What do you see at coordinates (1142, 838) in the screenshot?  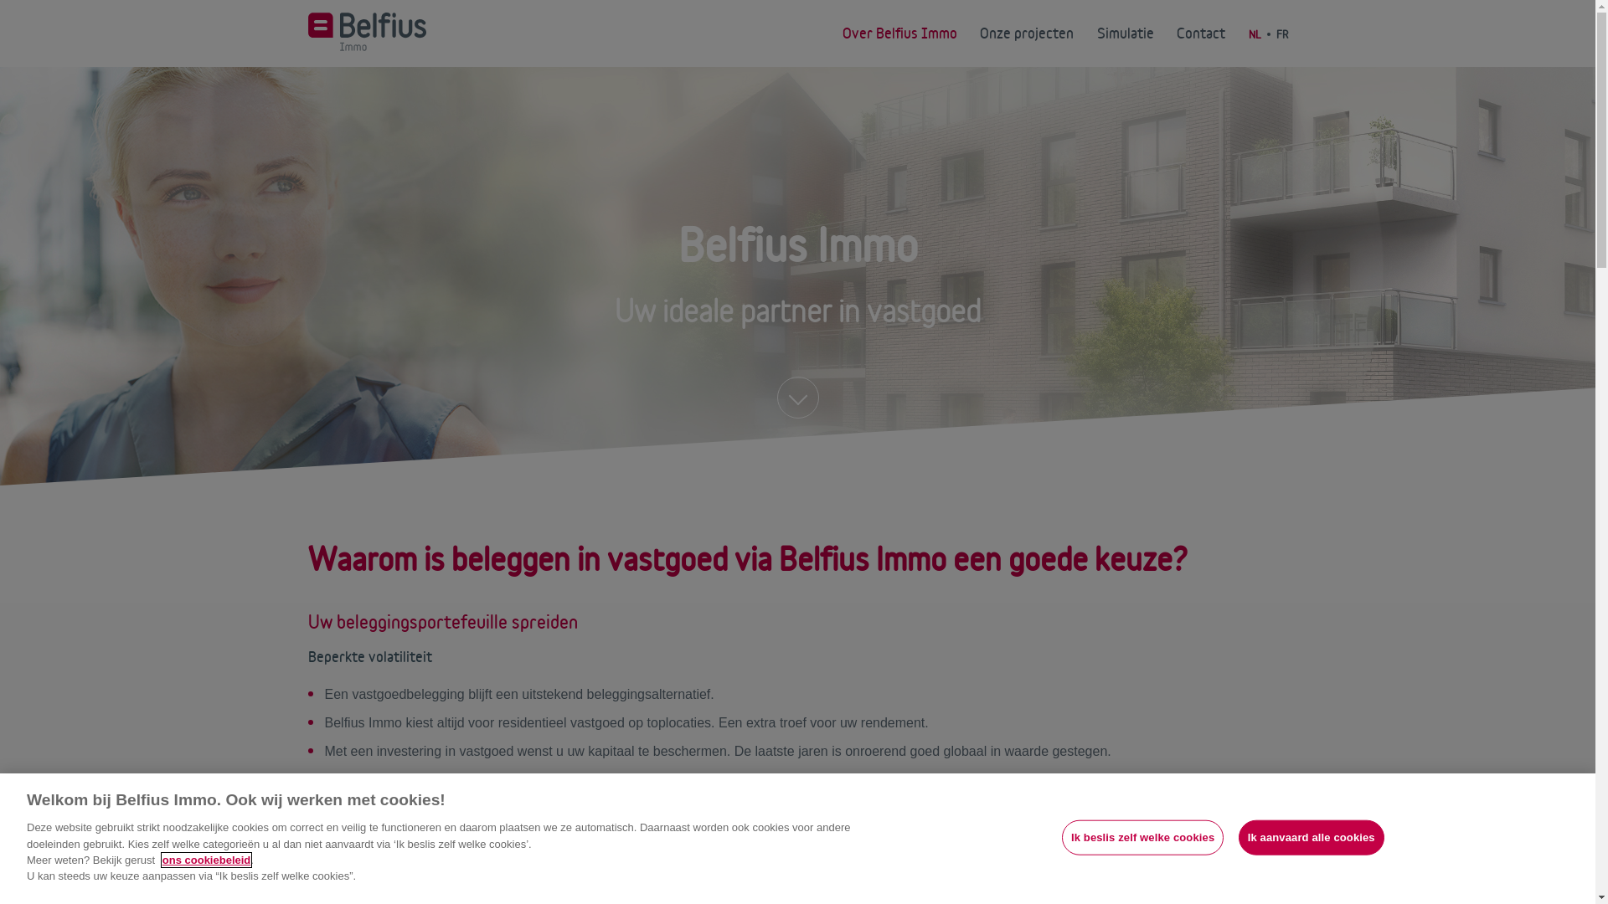 I see `'Ik beslis zelf welke cookies'` at bounding box center [1142, 838].